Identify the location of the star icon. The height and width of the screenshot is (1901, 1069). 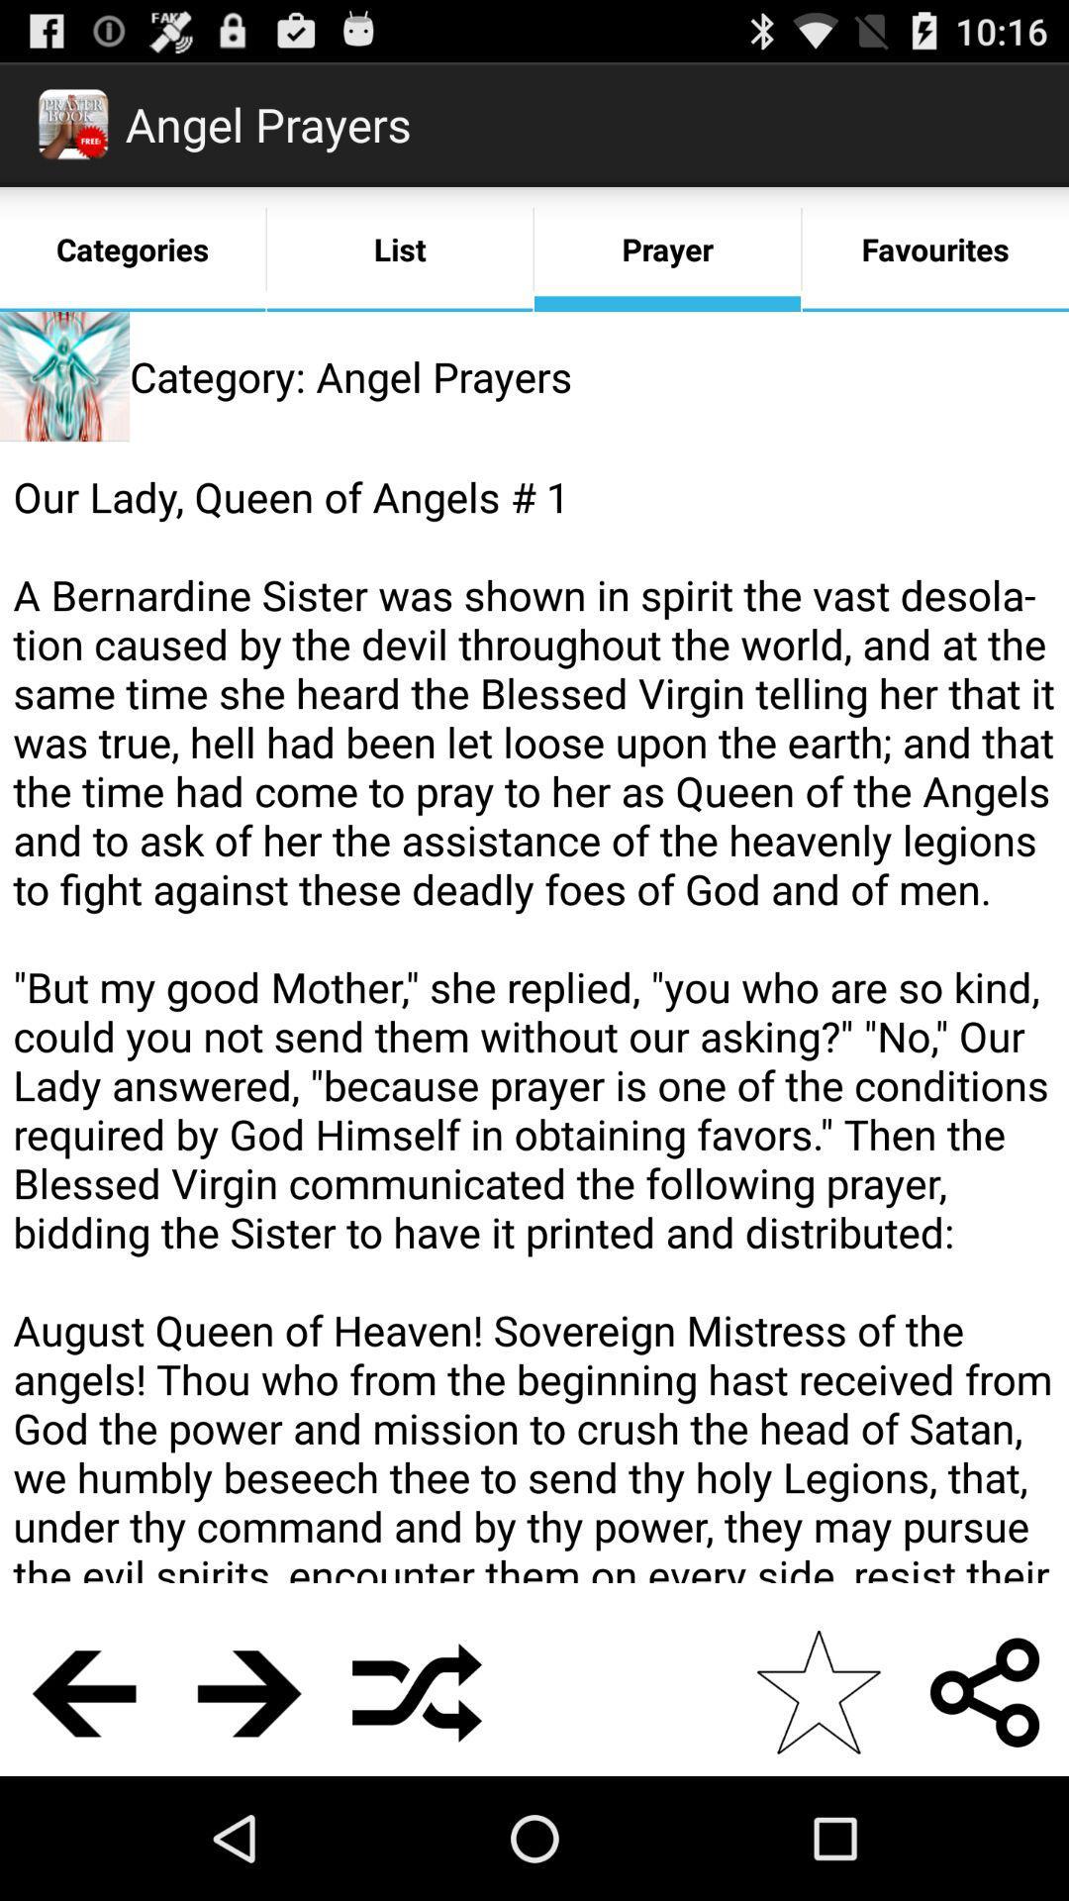
(818, 1811).